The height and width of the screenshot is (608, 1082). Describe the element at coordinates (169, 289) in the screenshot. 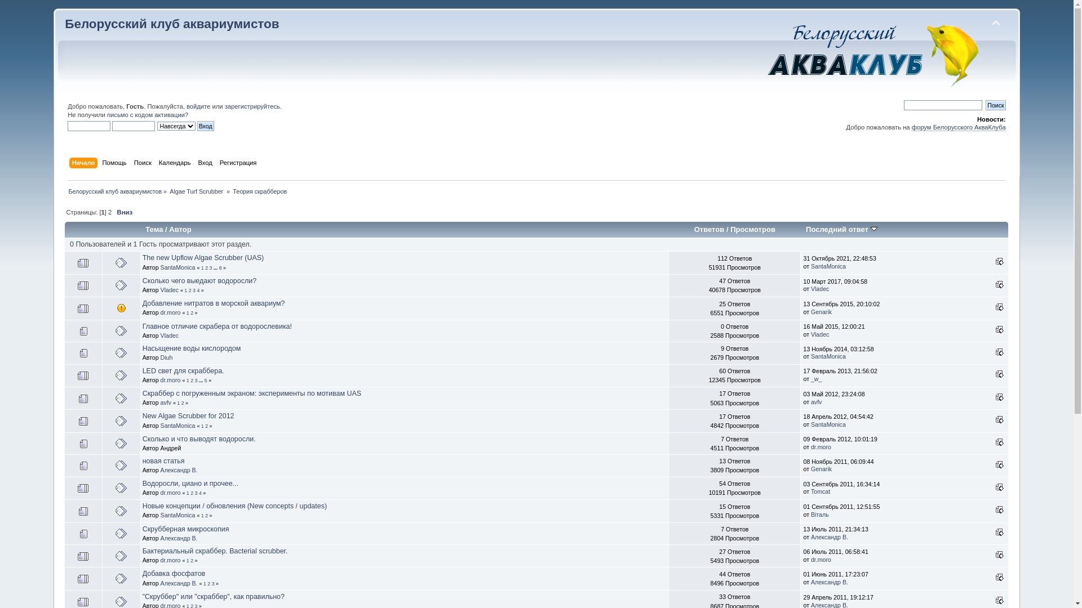

I see `'Vladec'` at that location.